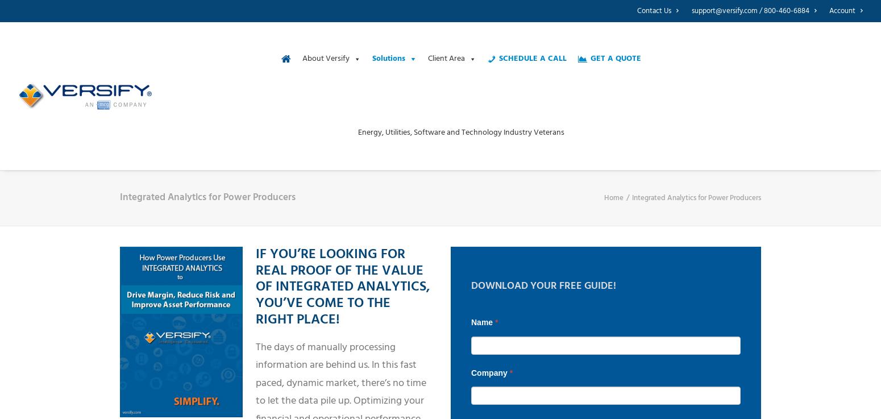 Image resolution: width=881 pixels, height=419 pixels. What do you see at coordinates (614, 197) in the screenshot?
I see `'Home'` at bounding box center [614, 197].